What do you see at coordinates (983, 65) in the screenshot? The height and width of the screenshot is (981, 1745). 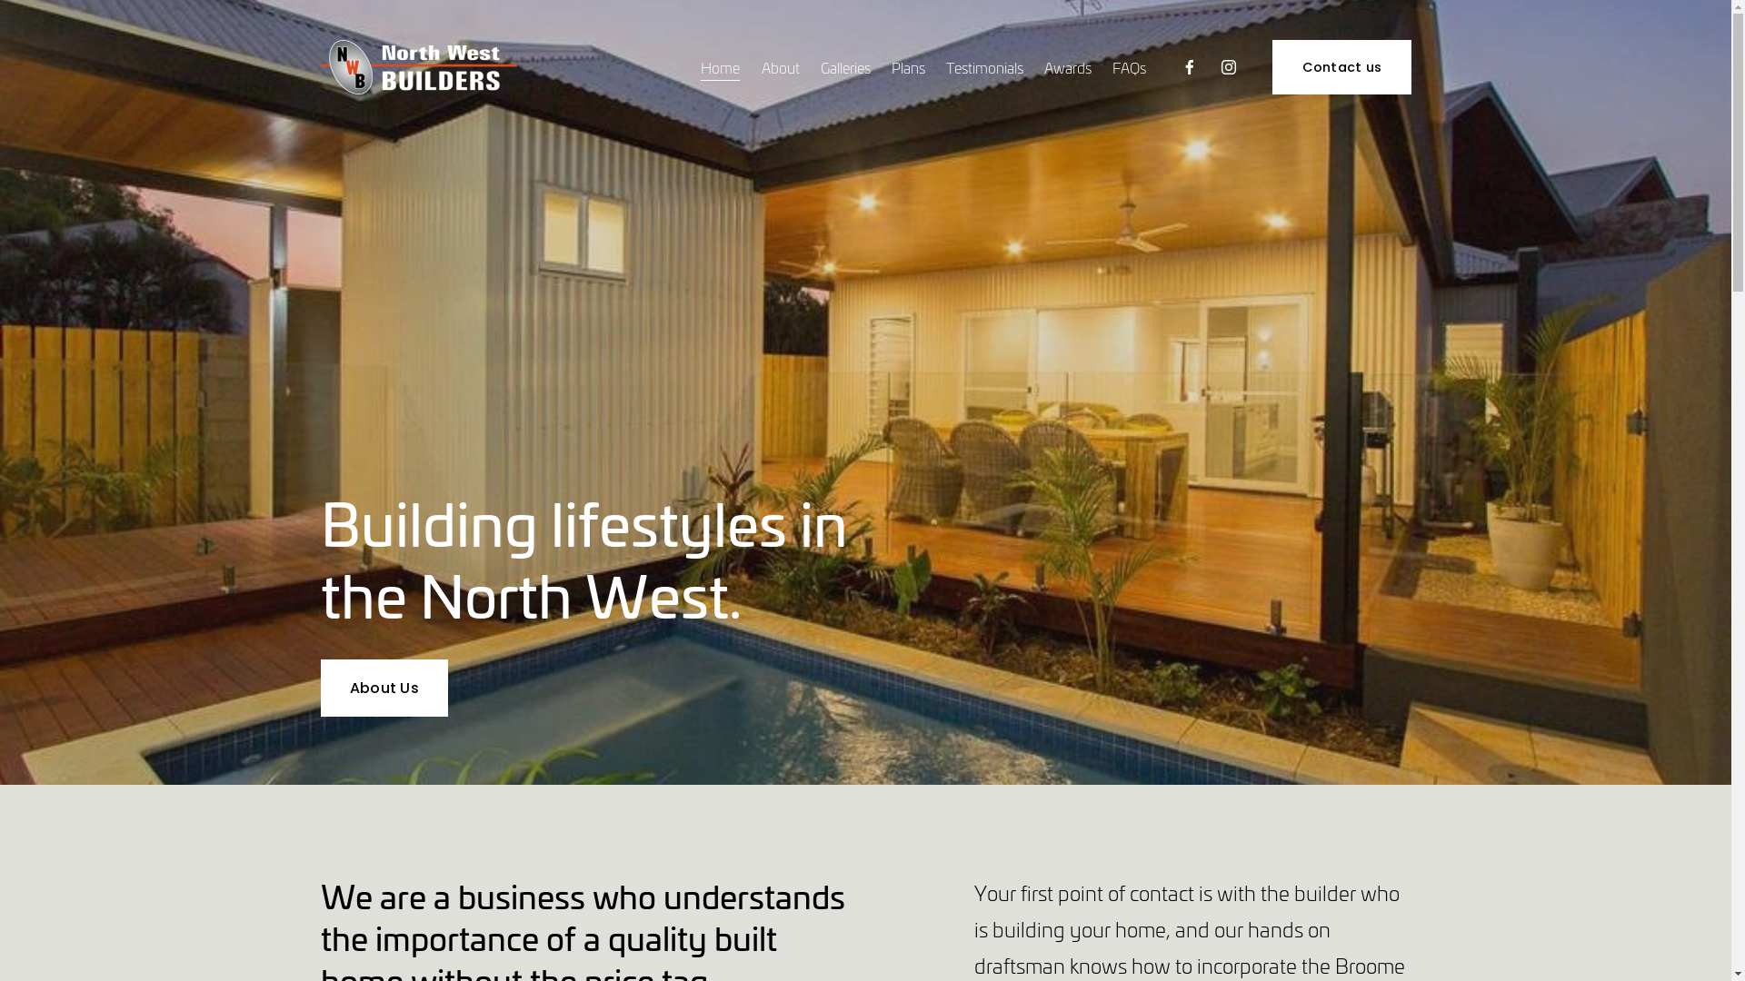 I see `'Testimonials'` at bounding box center [983, 65].